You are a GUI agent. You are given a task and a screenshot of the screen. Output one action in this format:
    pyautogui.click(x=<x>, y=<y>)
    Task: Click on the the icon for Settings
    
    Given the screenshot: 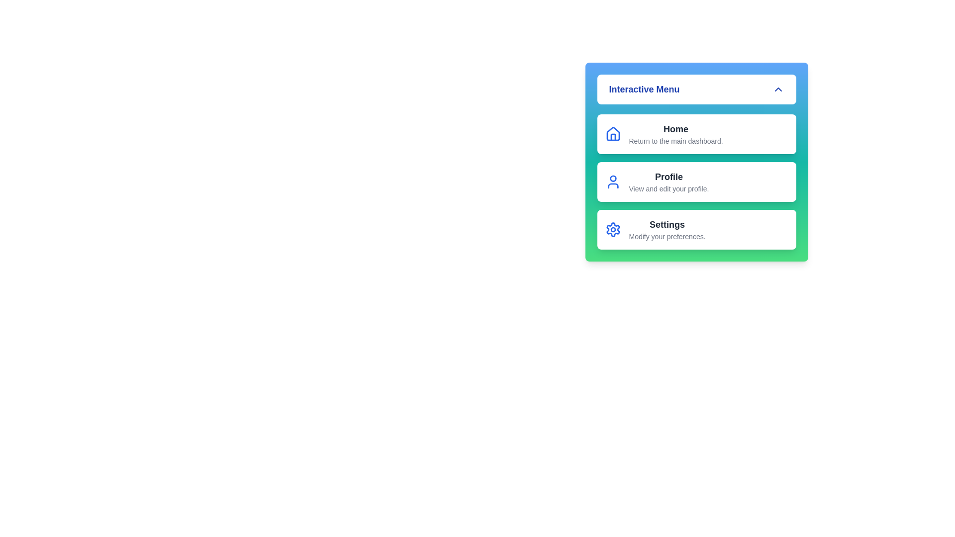 What is the action you would take?
    pyautogui.click(x=612, y=230)
    